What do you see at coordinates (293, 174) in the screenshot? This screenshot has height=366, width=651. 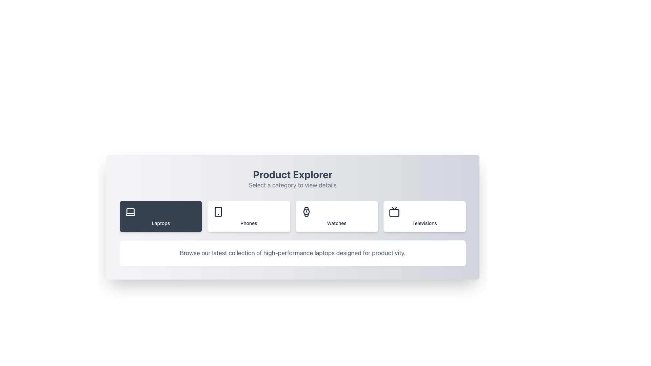 I see `the stylized text header displaying 'Product Explorer' which is centered at the top of a section` at bounding box center [293, 174].